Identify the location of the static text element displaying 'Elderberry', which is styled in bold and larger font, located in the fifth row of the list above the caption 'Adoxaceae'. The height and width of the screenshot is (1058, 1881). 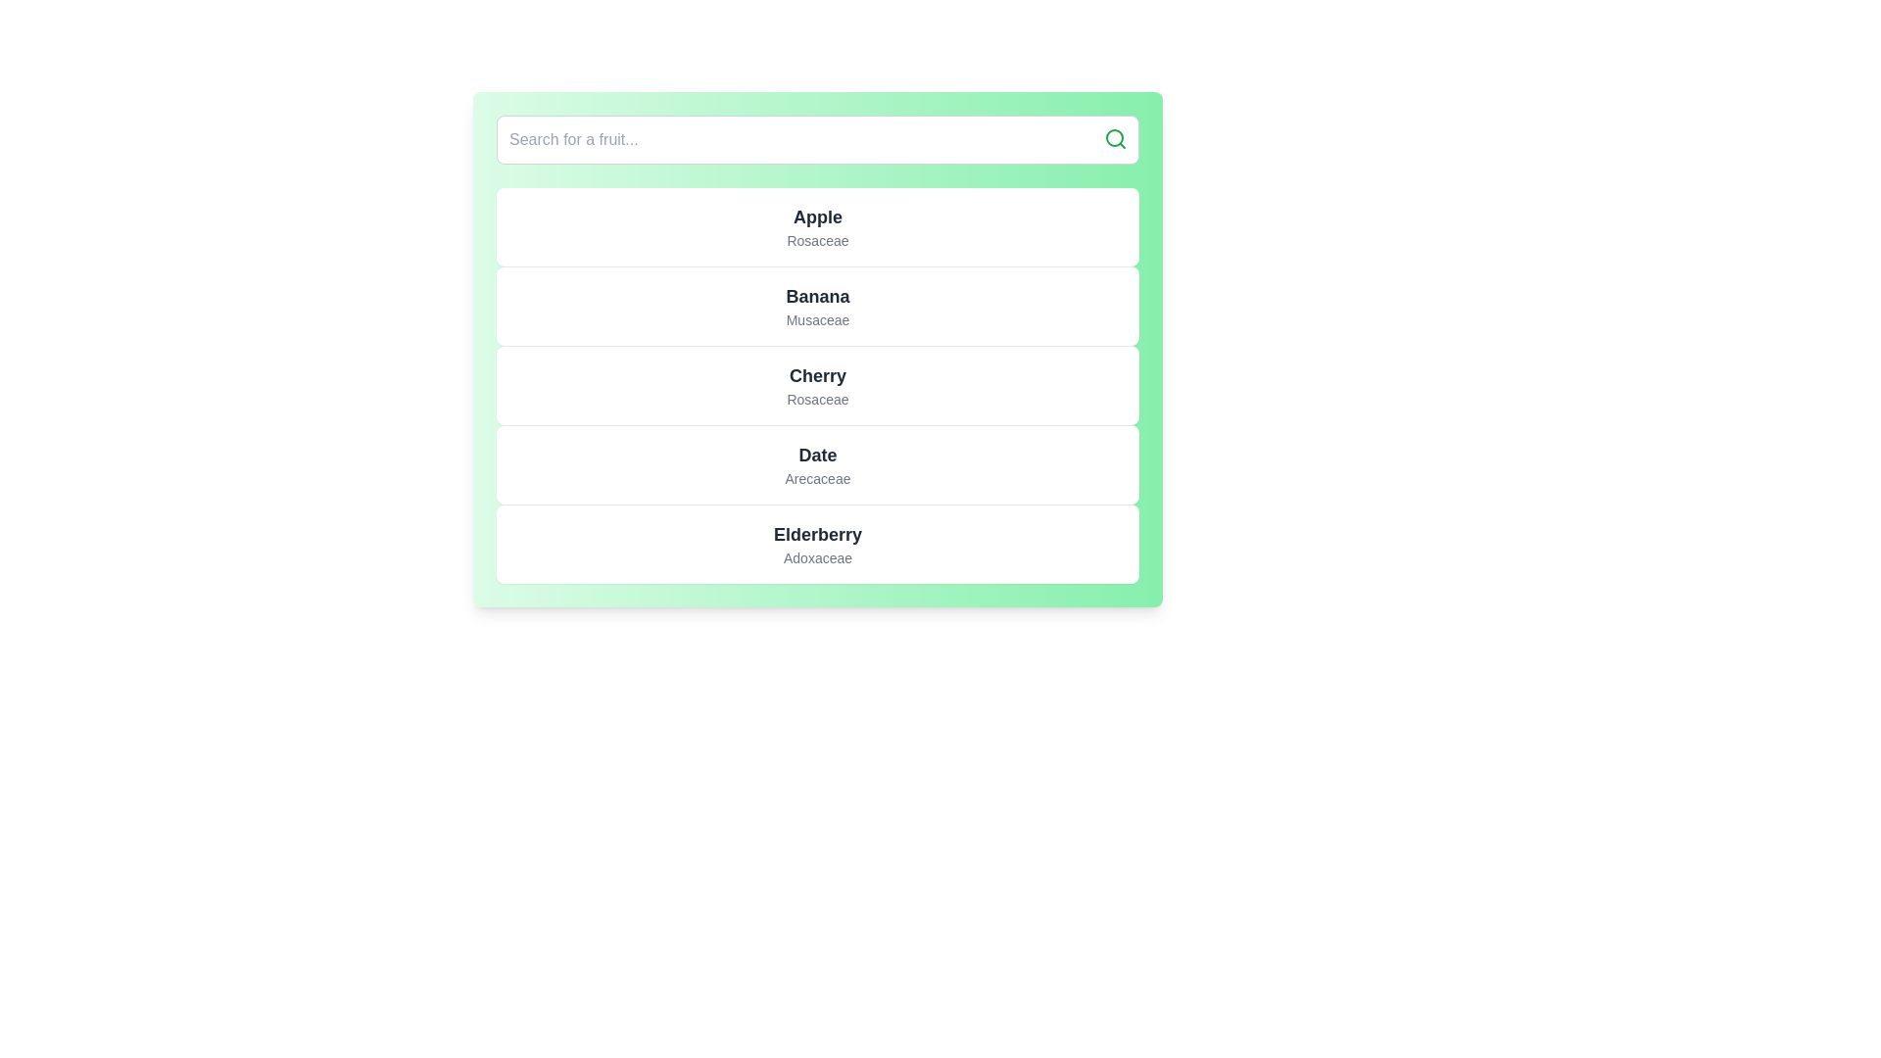
(818, 535).